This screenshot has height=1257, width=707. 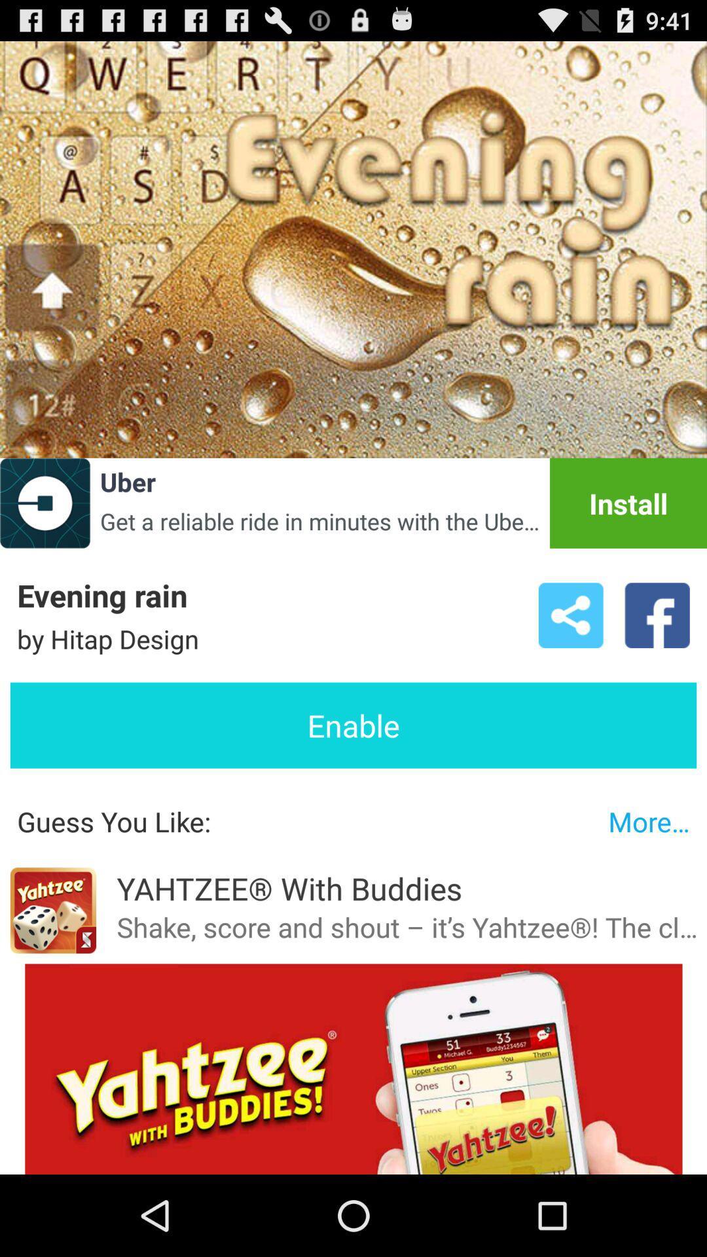 What do you see at coordinates (649, 820) in the screenshot?
I see `button below the enable item` at bounding box center [649, 820].